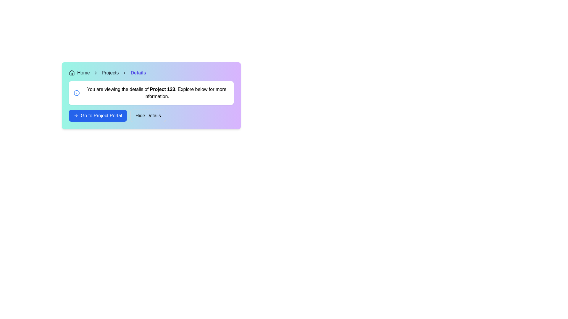  I want to click on the 'Hide Details' button, which is the second button aligned to the right of the 'Go to Project Portal' button, so click(151, 116).